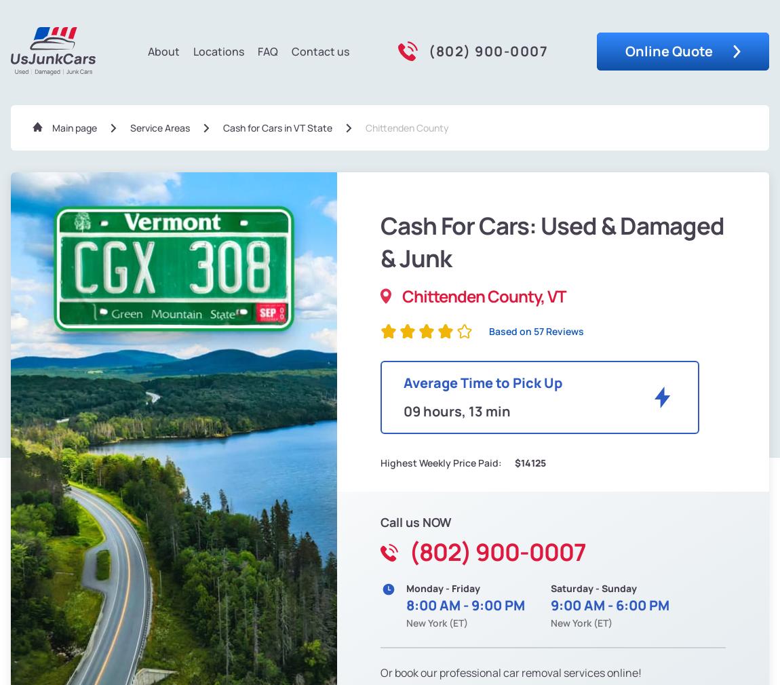 This screenshot has width=780, height=685. What do you see at coordinates (483, 295) in the screenshot?
I see `'Chittenden County, VT'` at bounding box center [483, 295].